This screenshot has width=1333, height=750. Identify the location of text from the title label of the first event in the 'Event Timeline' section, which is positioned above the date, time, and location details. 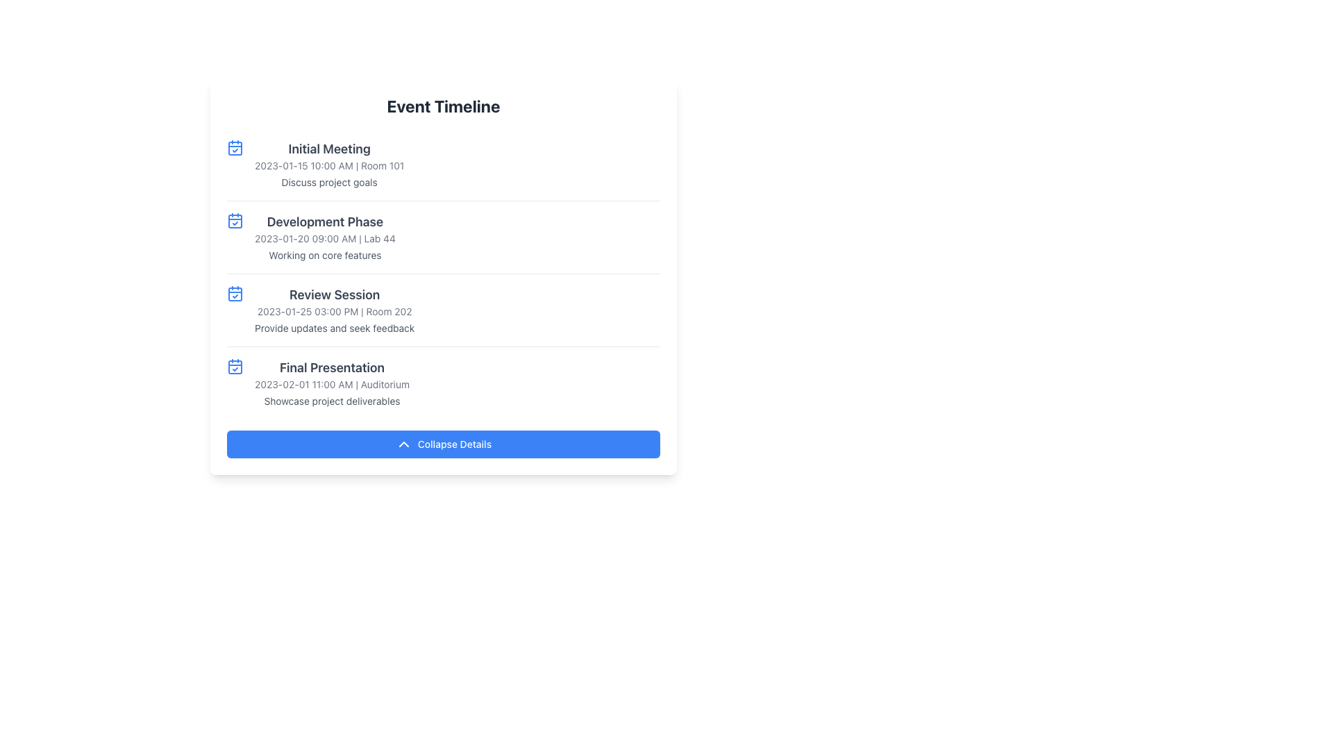
(328, 149).